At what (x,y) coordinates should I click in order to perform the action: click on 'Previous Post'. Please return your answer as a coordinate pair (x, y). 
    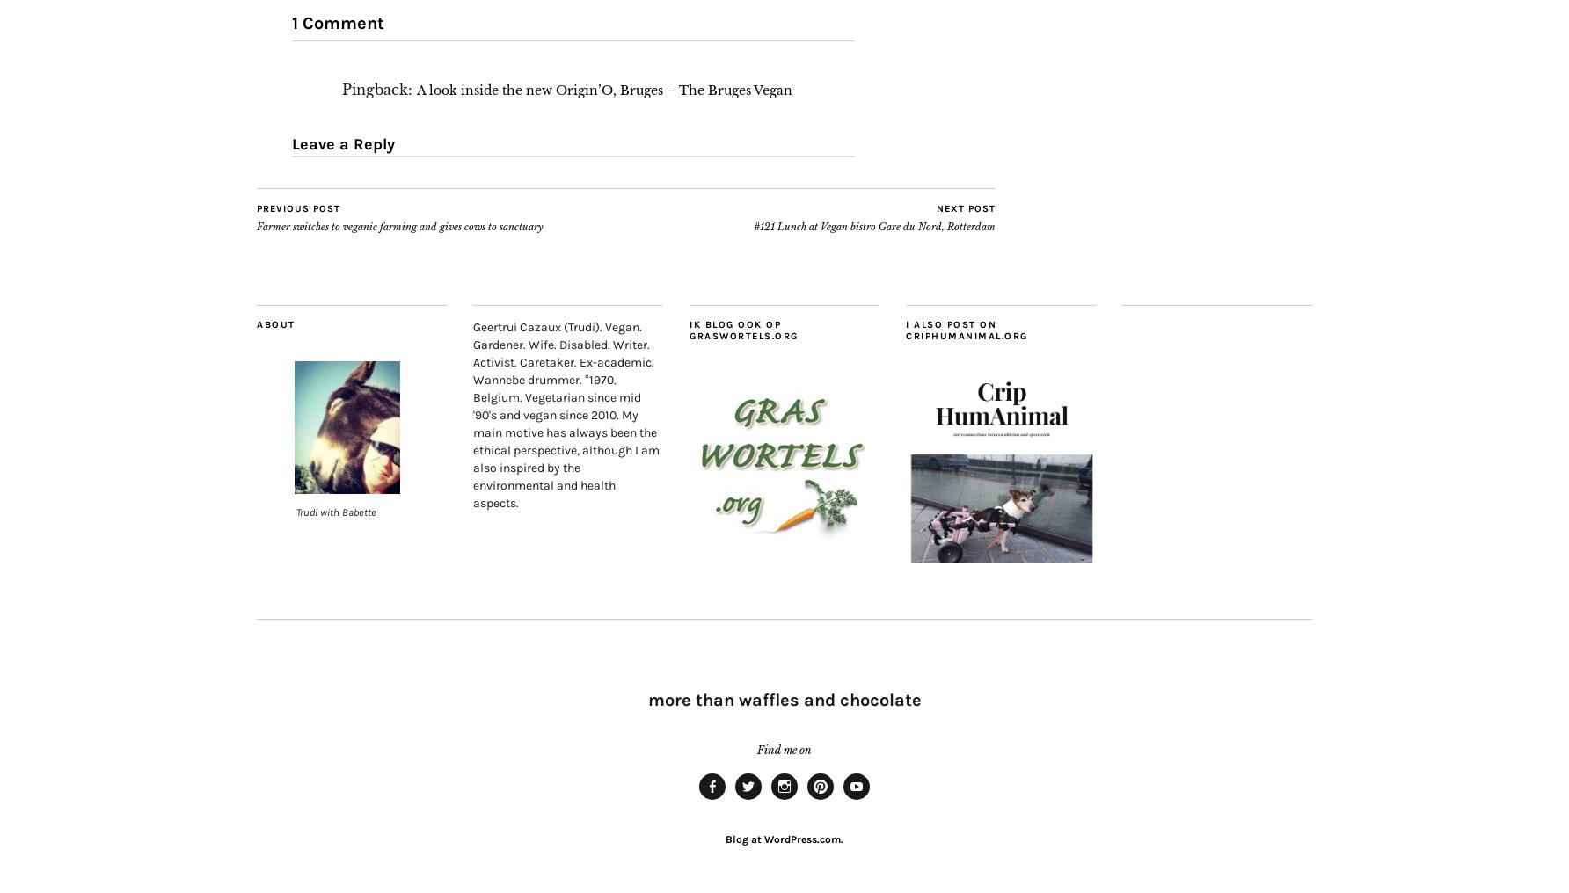
    Looking at the image, I should click on (297, 207).